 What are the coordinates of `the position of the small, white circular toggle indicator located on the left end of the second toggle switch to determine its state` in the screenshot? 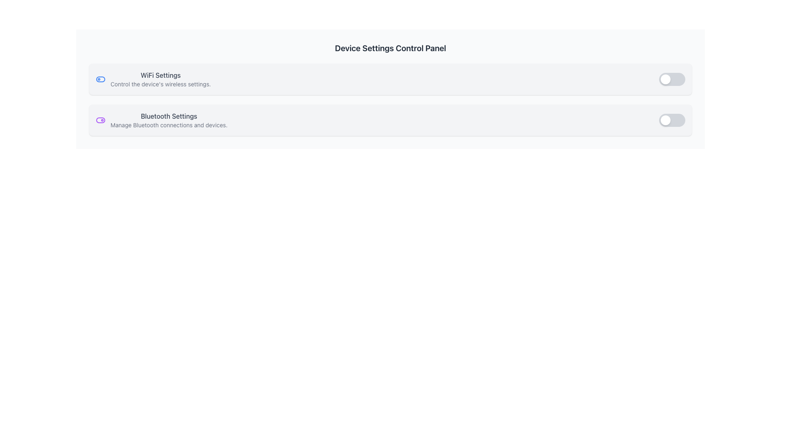 It's located at (666, 120).